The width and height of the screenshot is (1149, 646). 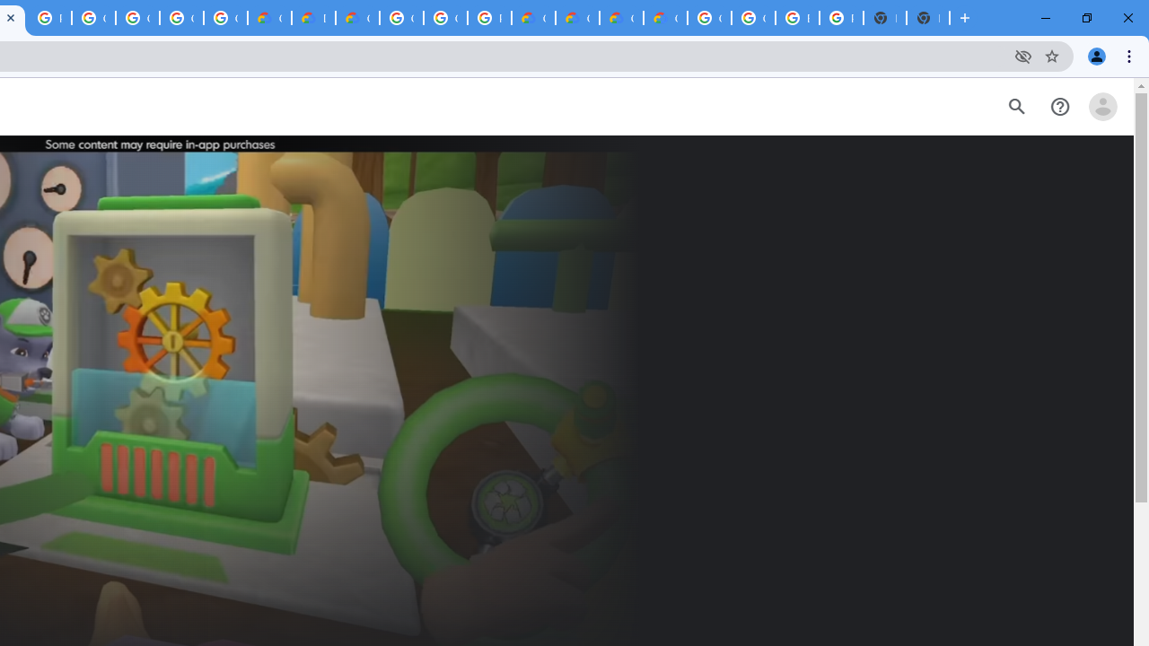 What do you see at coordinates (1101, 107) in the screenshot?
I see `'Open account menu'` at bounding box center [1101, 107].